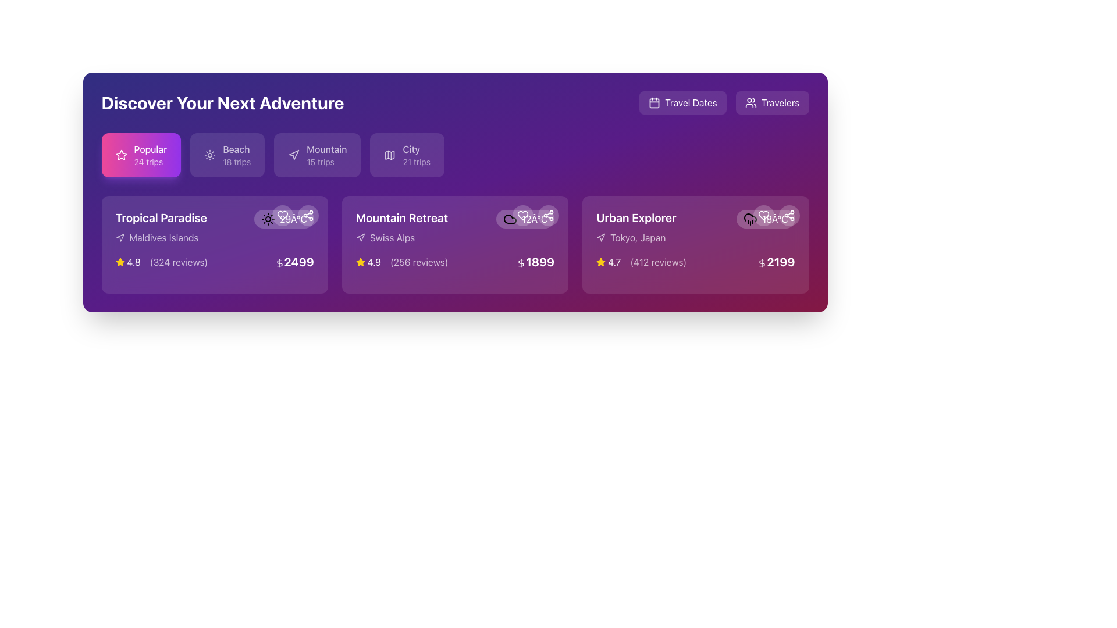 The width and height of the screenshot is (1117, 628). What do you see at coordinates (789, 215) in the screenshot?
I see `the circular share button with a white border and semi-transparent background, located` at bounding box center [789, 215].